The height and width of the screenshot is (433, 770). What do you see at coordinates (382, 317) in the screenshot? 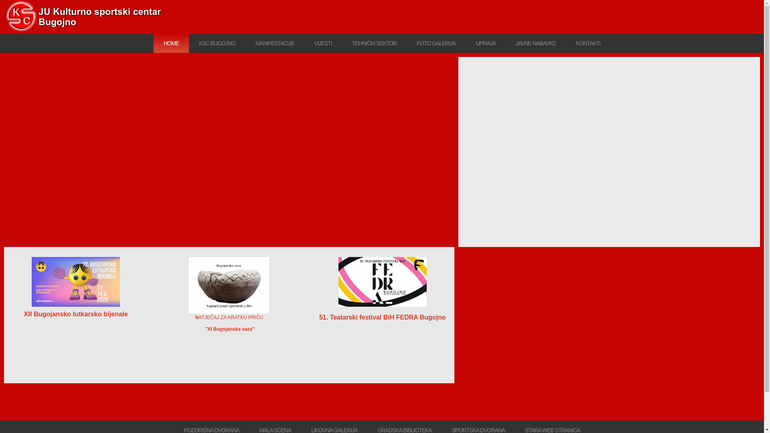
I see `'51. Teatarski festival BiH FEDRA Bugojno'` at bounding box center [382, 317].